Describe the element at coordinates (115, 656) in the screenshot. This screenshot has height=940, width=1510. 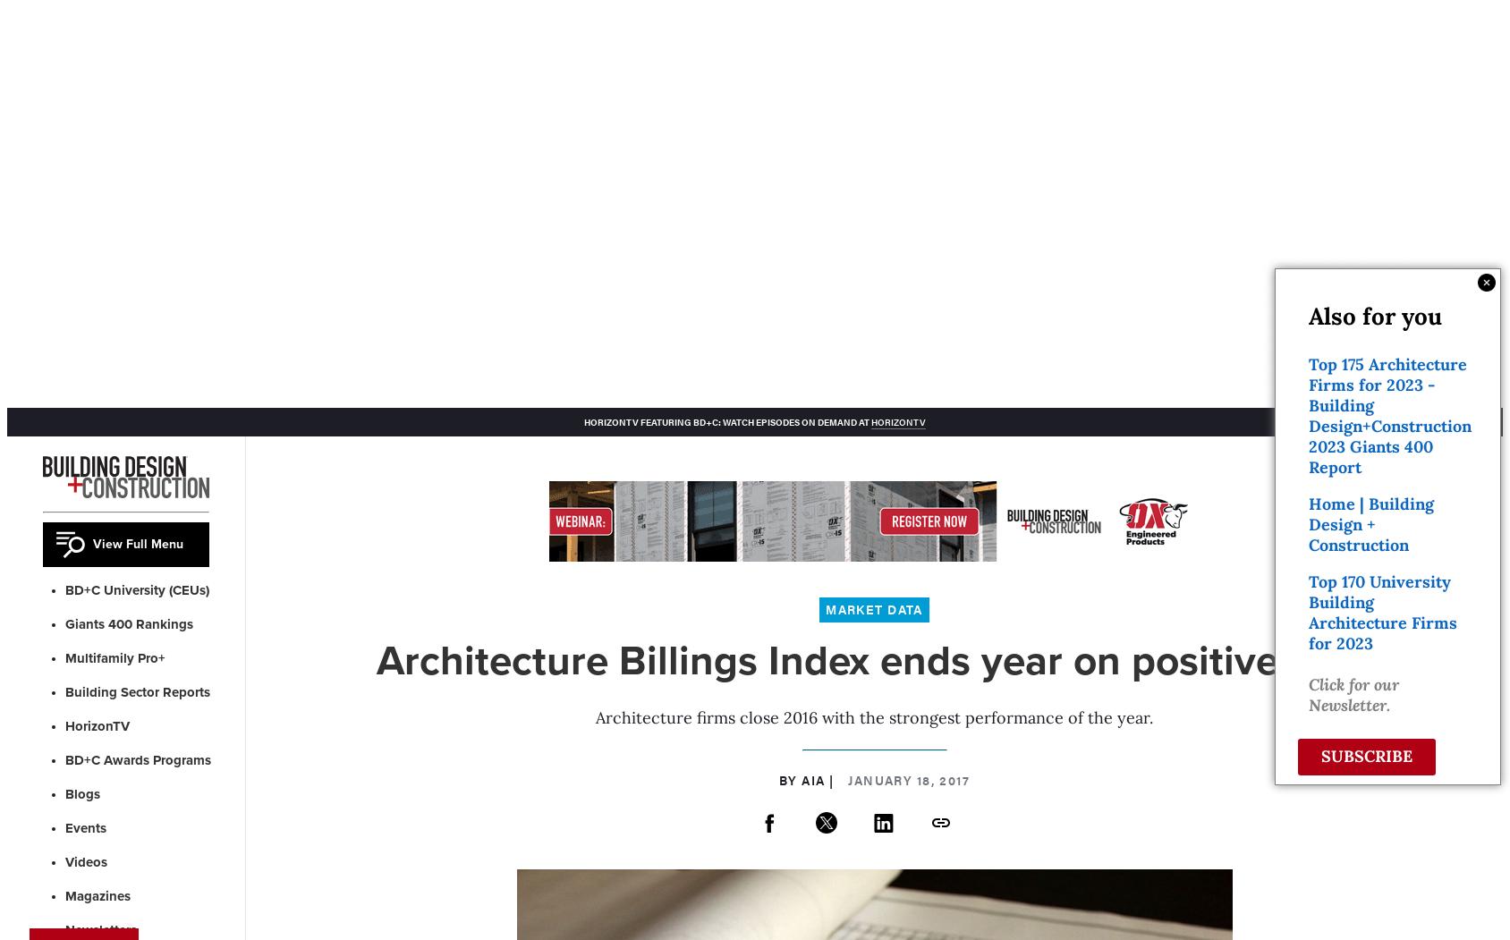
I see `'Multifamily Pro+'` at that location.